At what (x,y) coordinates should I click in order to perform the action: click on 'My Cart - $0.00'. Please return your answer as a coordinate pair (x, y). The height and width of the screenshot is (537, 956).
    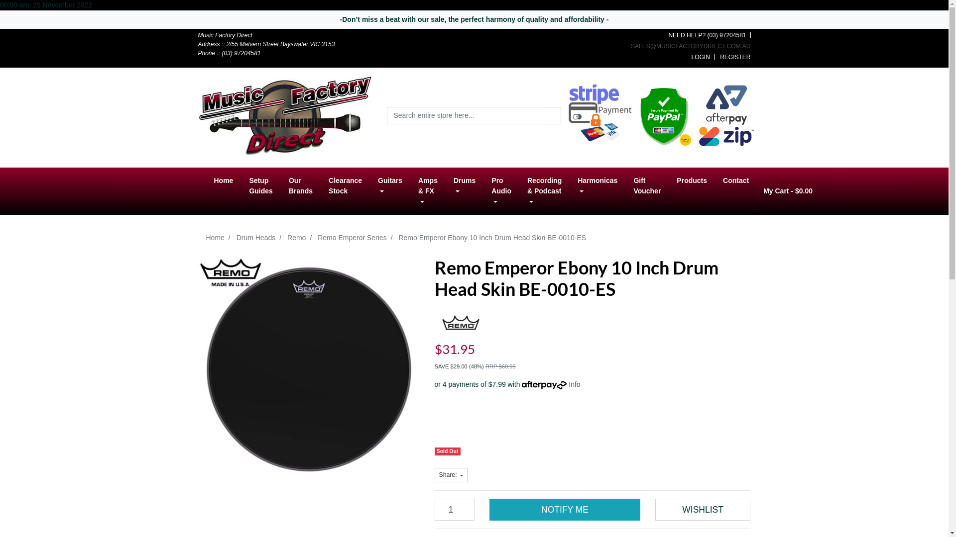
    Looking at the image, I should click on (787, 191).